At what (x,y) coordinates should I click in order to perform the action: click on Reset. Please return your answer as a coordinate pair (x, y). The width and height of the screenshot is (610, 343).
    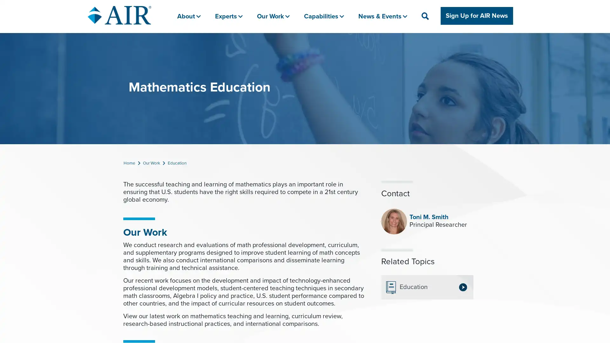
    Looking at the image, I should click on (469, 44).